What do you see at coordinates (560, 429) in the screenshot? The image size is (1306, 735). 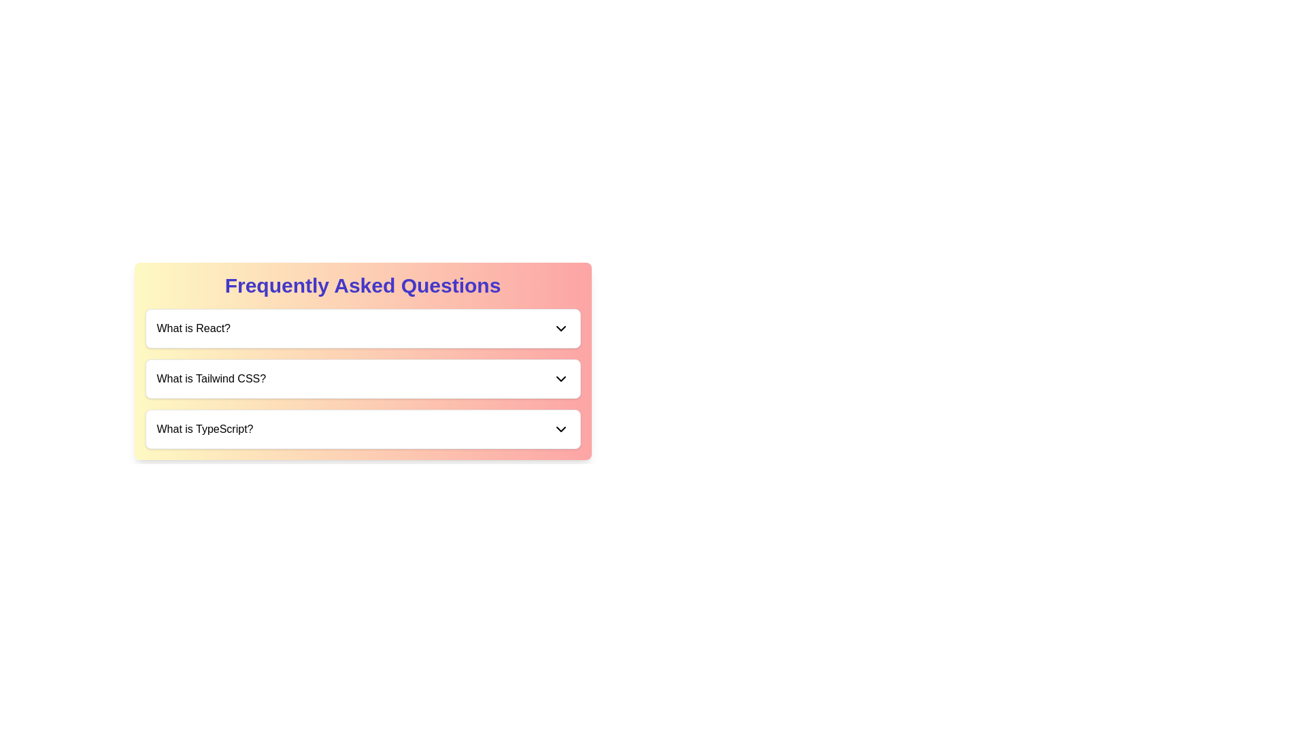 I see `the downward-pointing chevron icon in the 'What is TypeScript?' expandable section` at bounding box center [560, 429].